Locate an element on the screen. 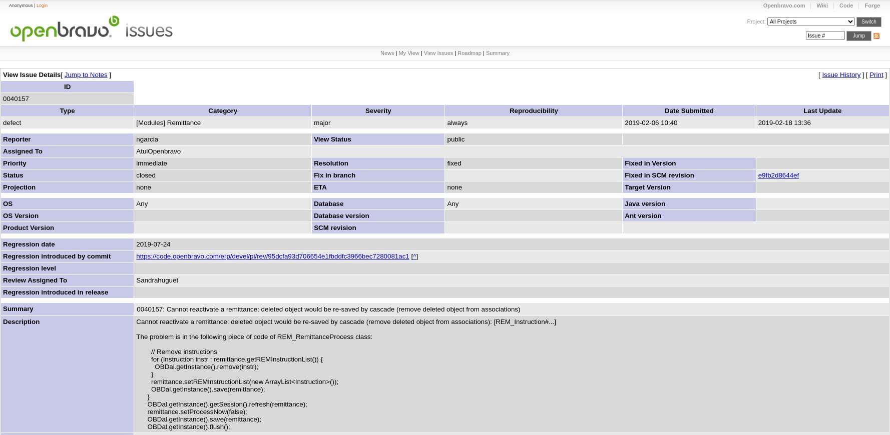  '2019-02-06 10:40' is located at coordinates (651, 122).